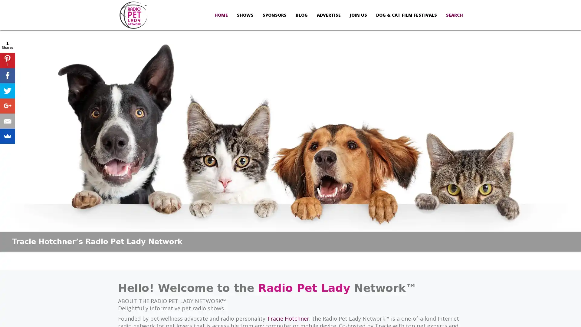 The height and width of the screenshot is (327, 581). I want to click on Close, so click(404, 101).